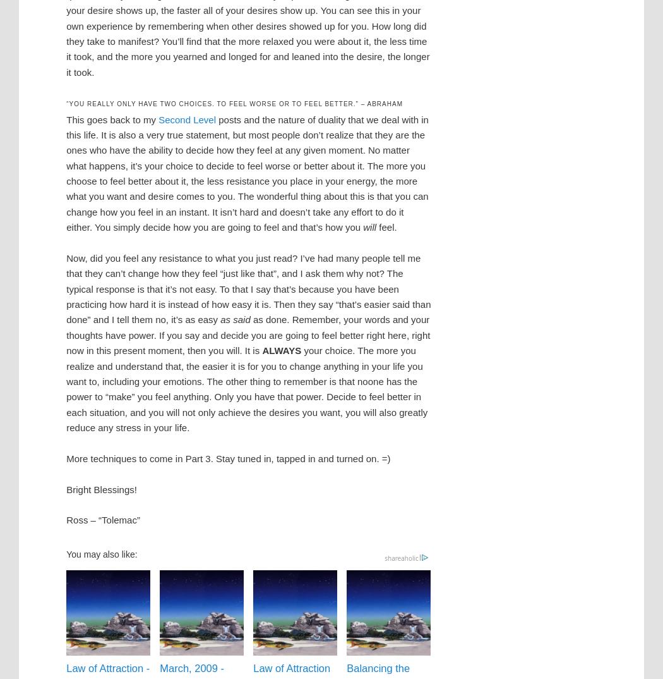  What do you see at coordinates (369, 226) in the screenshot?
I see `'will'` at bounding box center [369, 226].